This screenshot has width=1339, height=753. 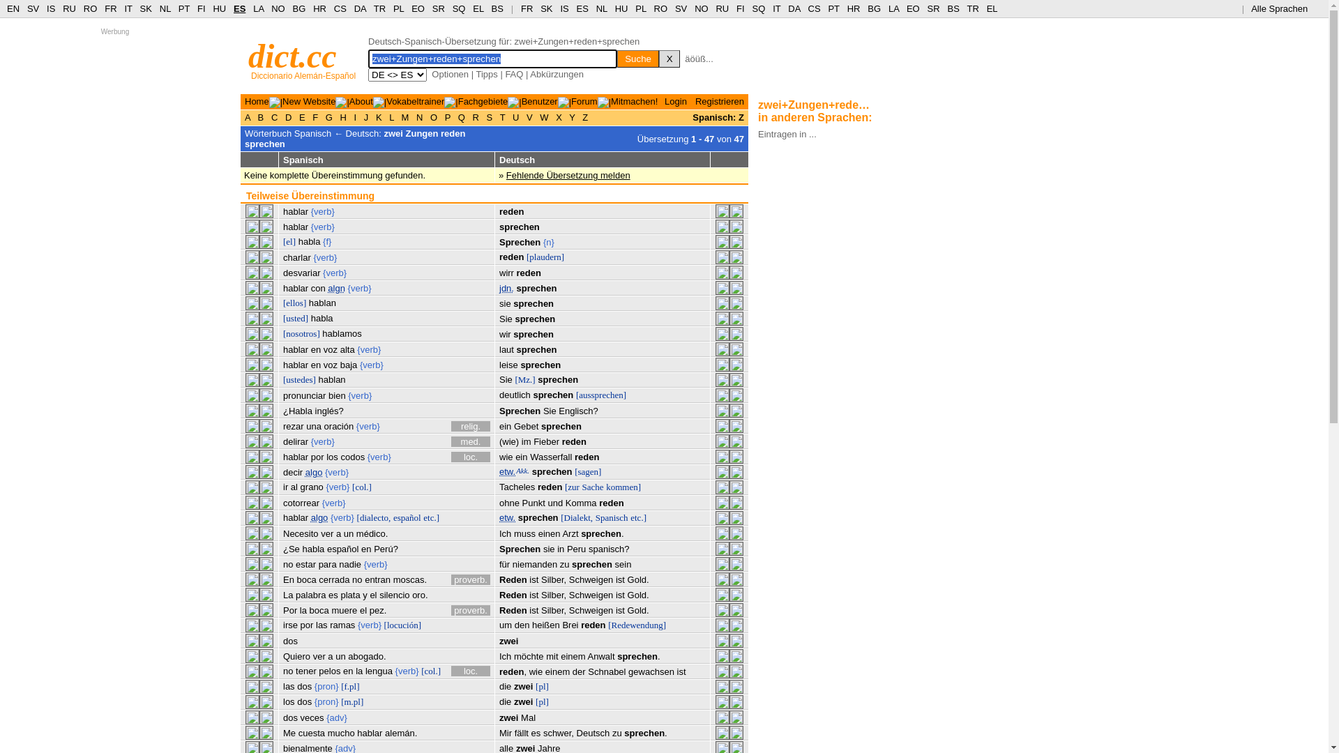 What do you see at coordinates (591, 579) in the screenshot?
I see `'Schweigen'` at bounding box center [591, 579].